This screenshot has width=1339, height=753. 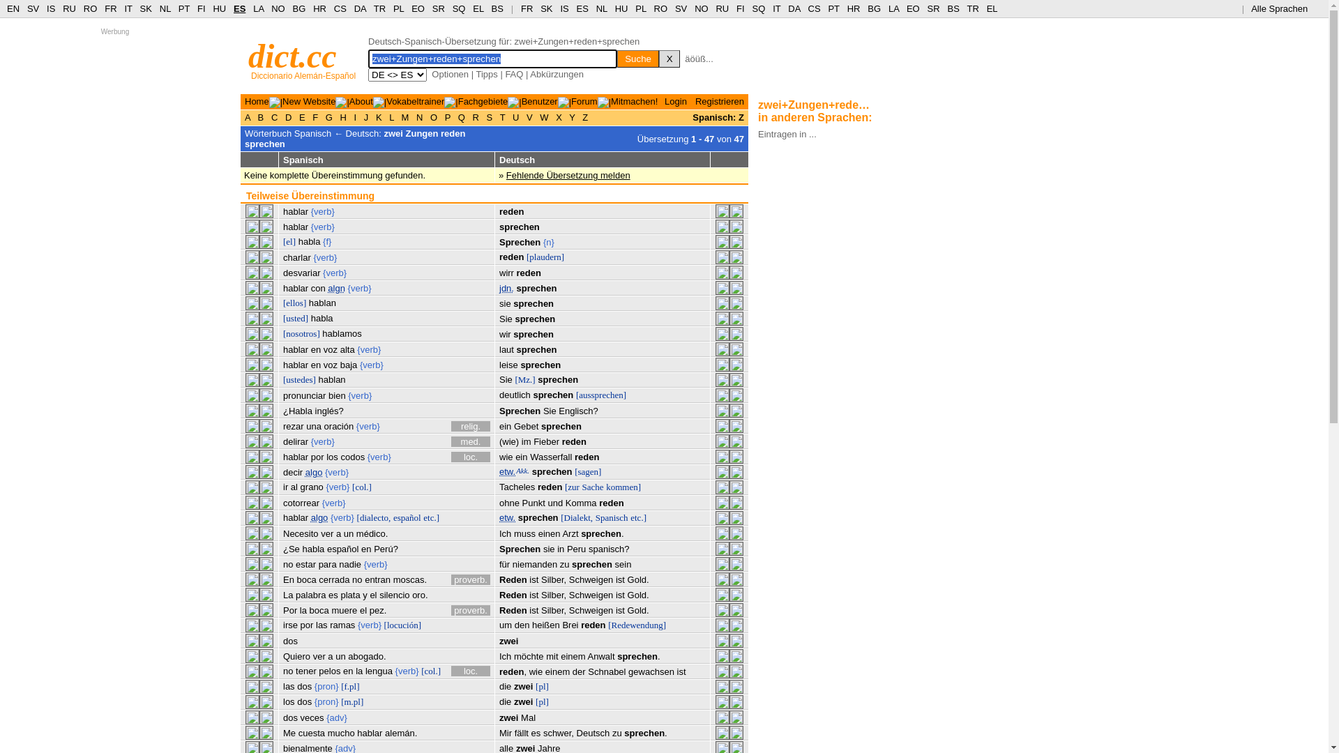 What do you see at coordinates (591, 579) in the screenshot?
I see `'Schweigen'` at bounding box center [591, 579].